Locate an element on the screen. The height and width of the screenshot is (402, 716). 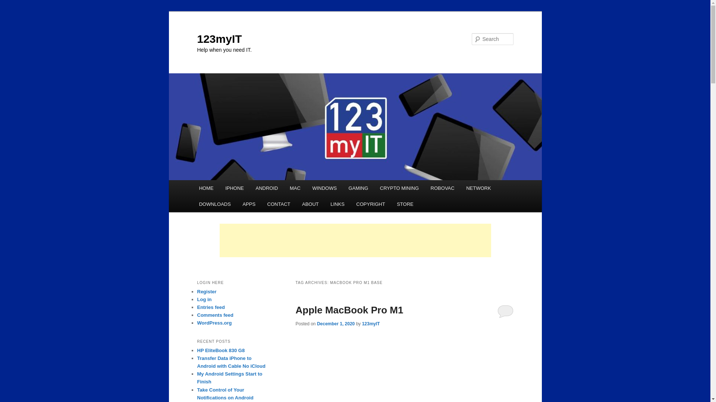
'Entries feed' is located at coordinates (210, 307).